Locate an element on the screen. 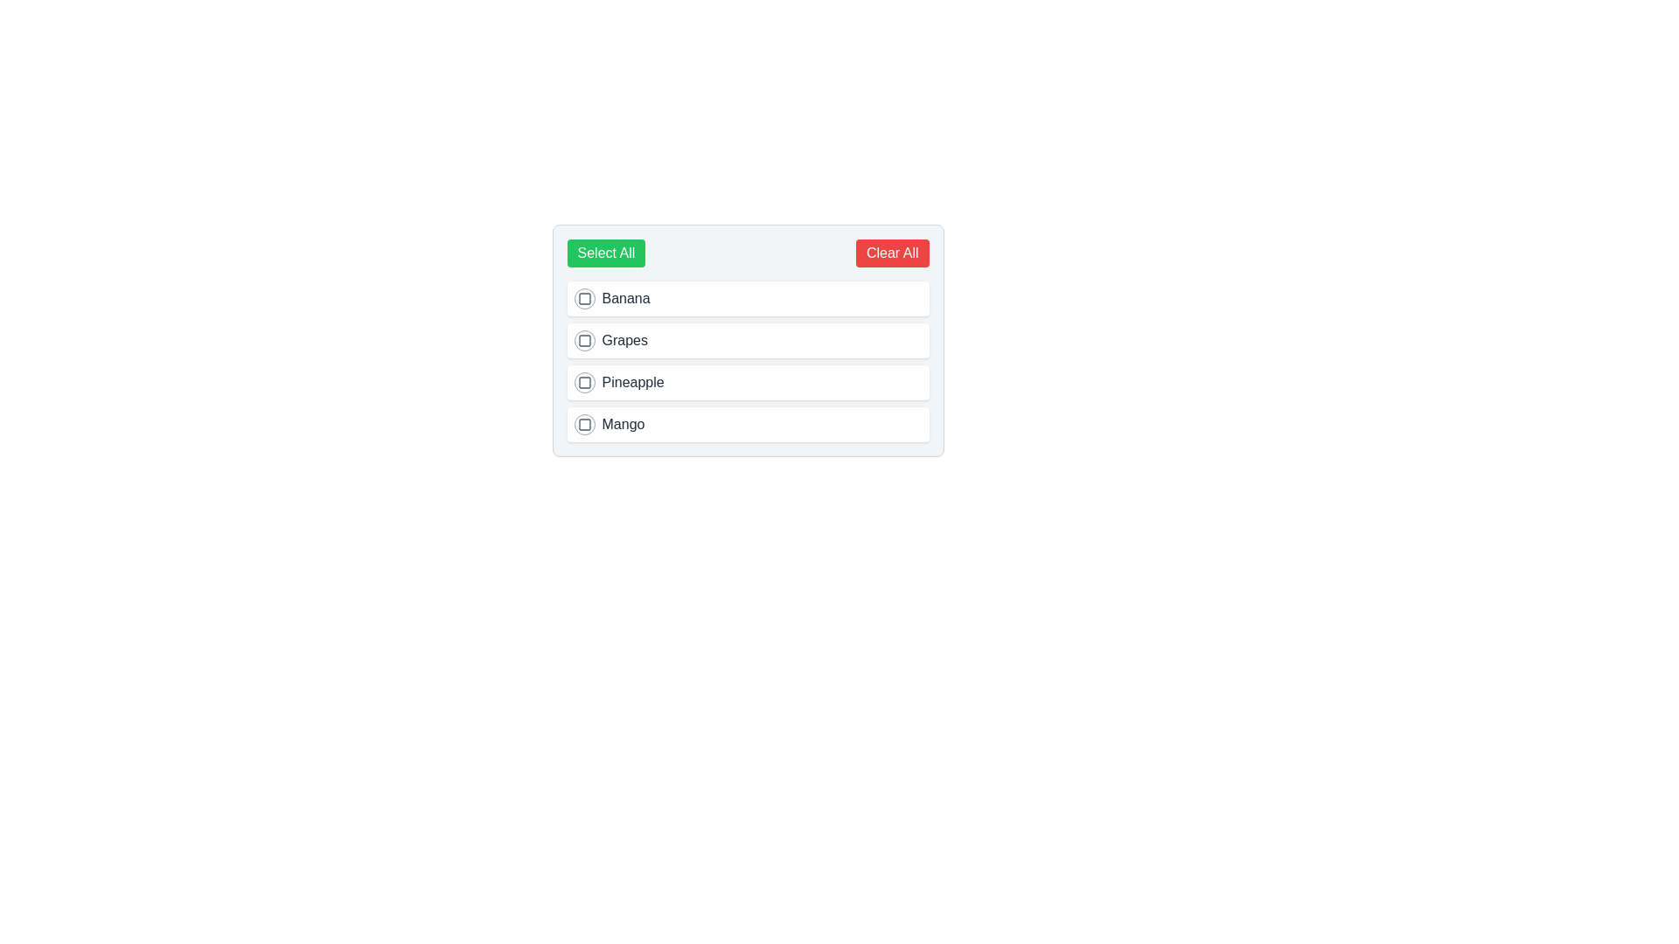 The height and width of the screenshot is (944, 1679). the checkbox labeled 'Grapes' is located at coordinates (584, 340).